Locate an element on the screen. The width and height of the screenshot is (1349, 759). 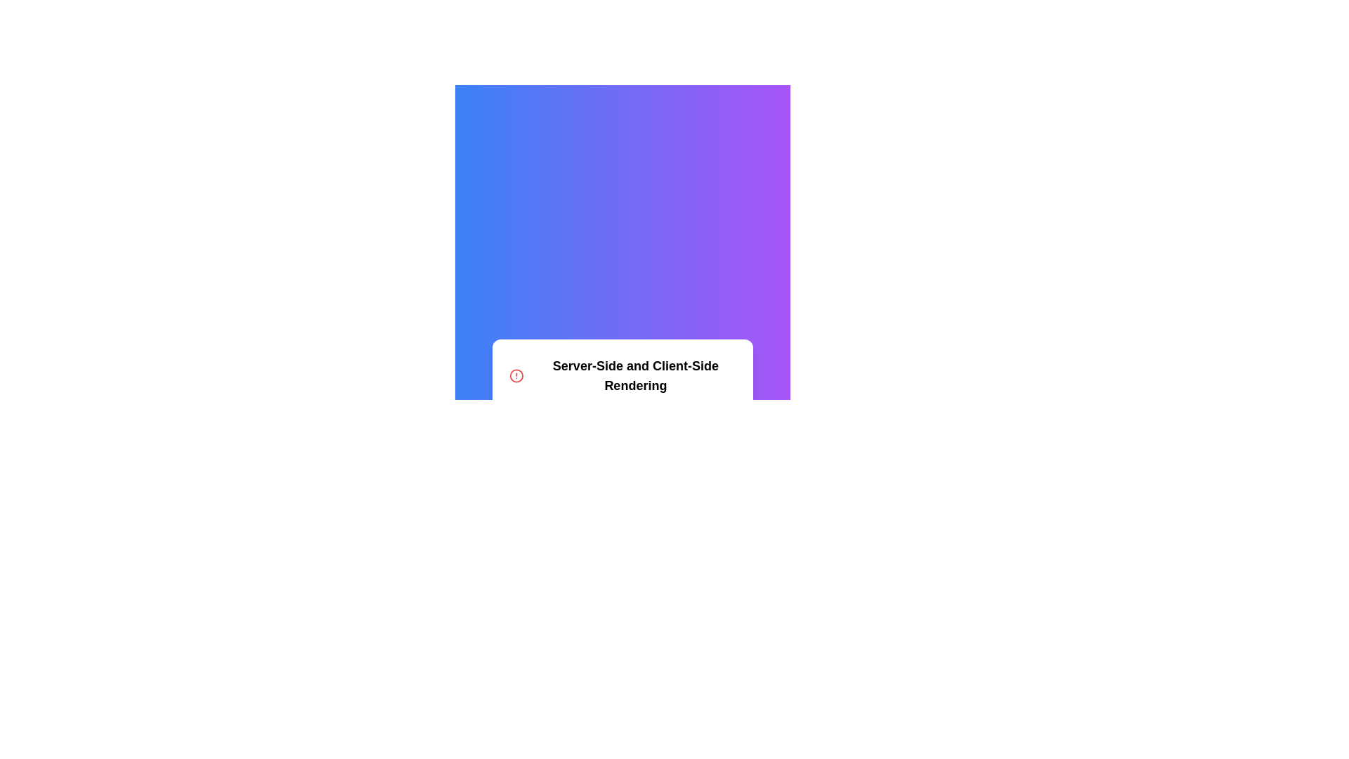
the circular icon with a red alert symbol that is positioned to the left of the text 'Server-Side and Client-Side Rendering.' is located at coordinates (516, 375).